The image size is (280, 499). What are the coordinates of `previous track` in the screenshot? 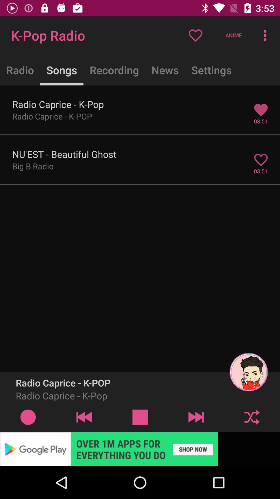 It's located at (84, 417).